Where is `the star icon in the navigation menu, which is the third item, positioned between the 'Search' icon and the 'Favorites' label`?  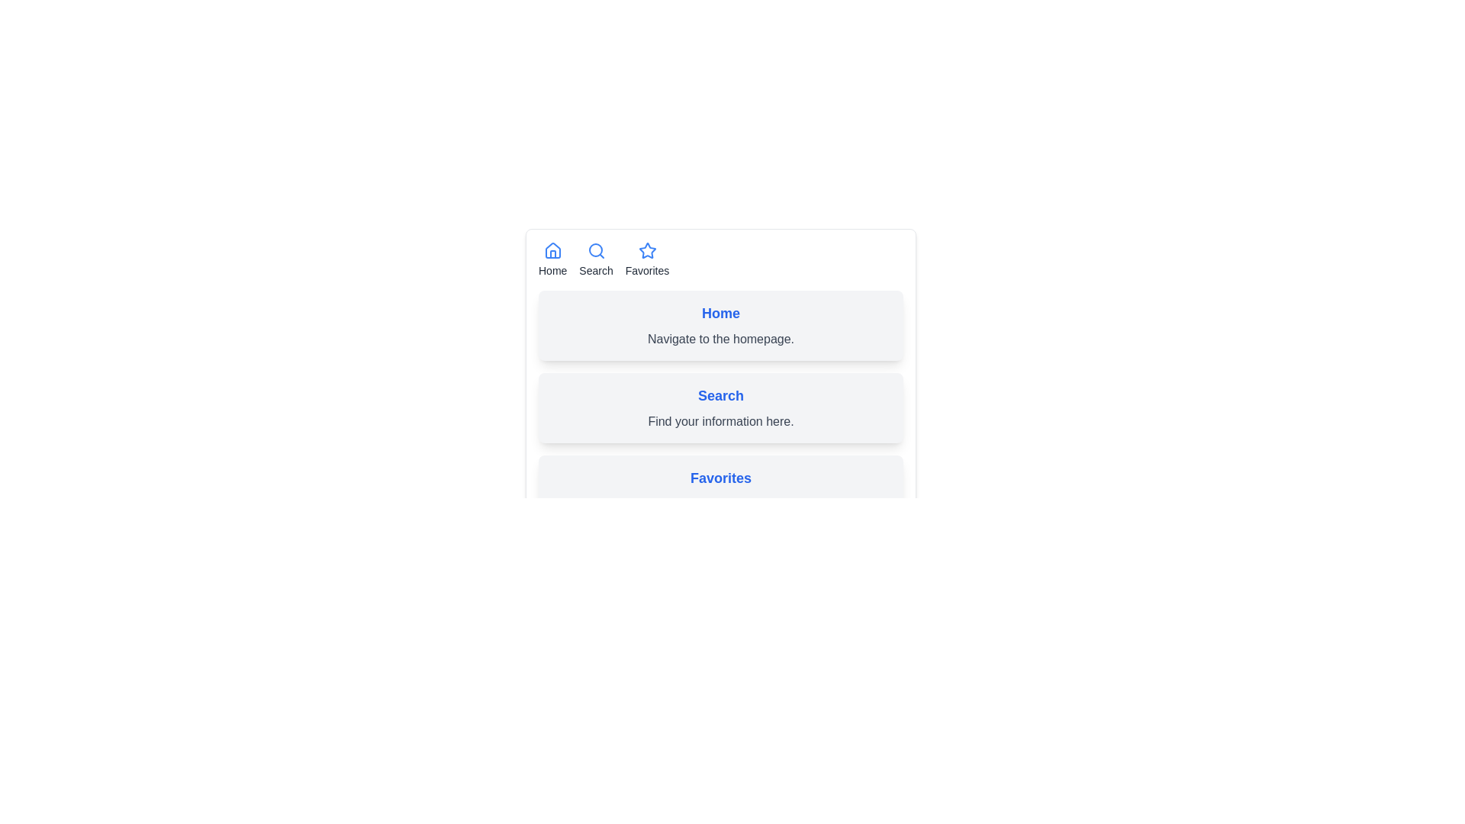
the star icon in the navigation menu, which is the third item, positioned between the 'Search' icon and the 'Favorites' label is located at coordinates (647, 249).